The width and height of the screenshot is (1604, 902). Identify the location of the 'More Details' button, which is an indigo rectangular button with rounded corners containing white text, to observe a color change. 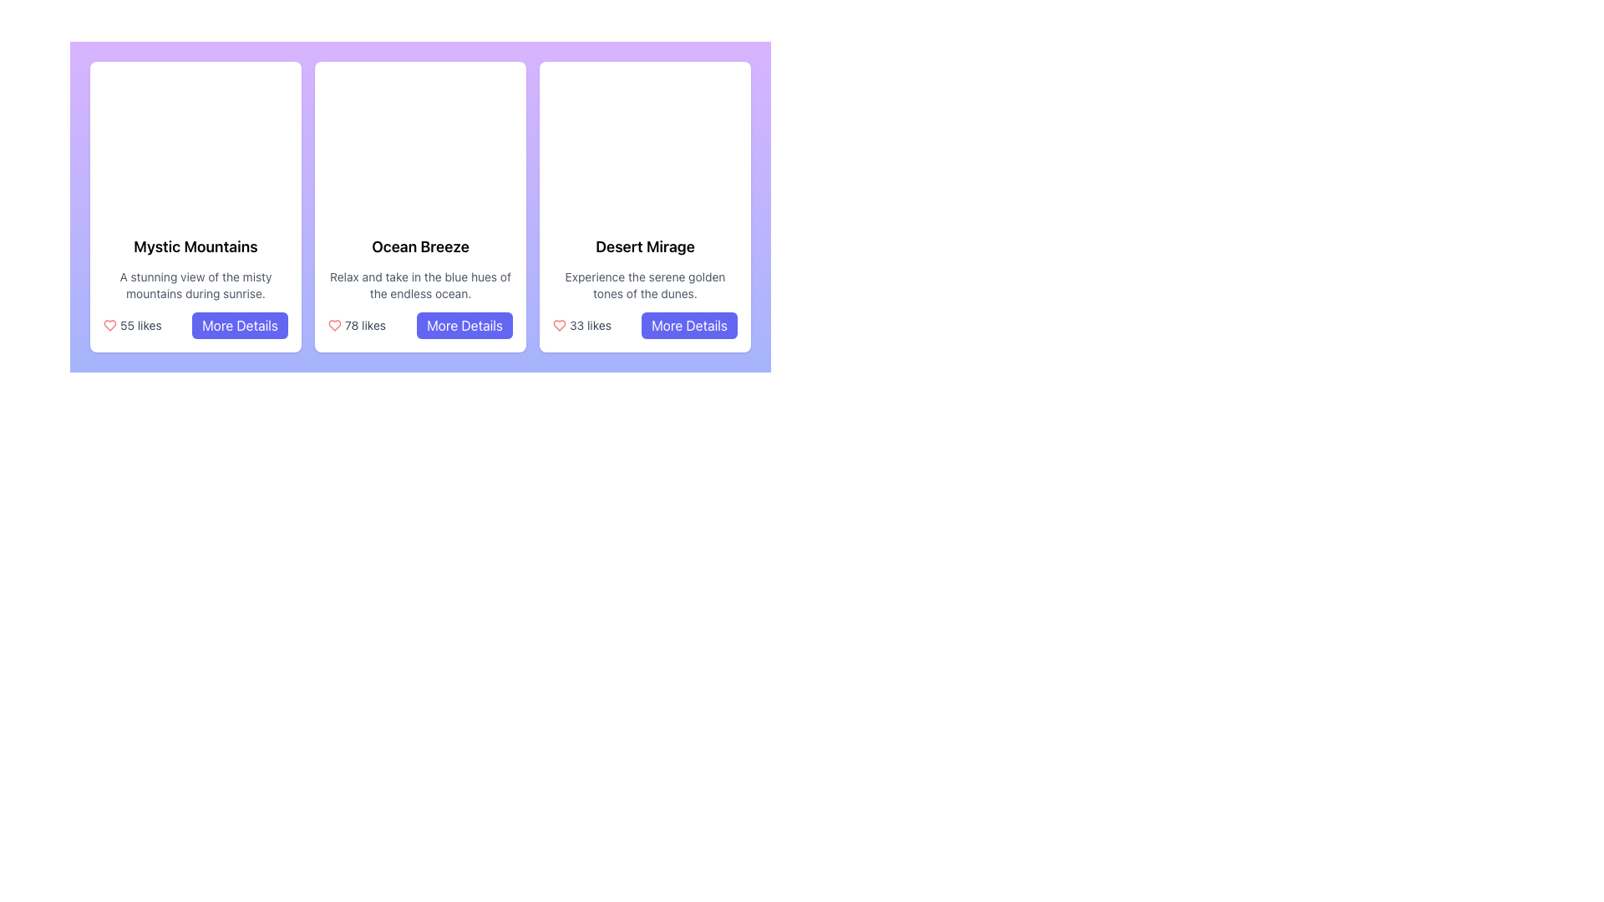
(239, 325).